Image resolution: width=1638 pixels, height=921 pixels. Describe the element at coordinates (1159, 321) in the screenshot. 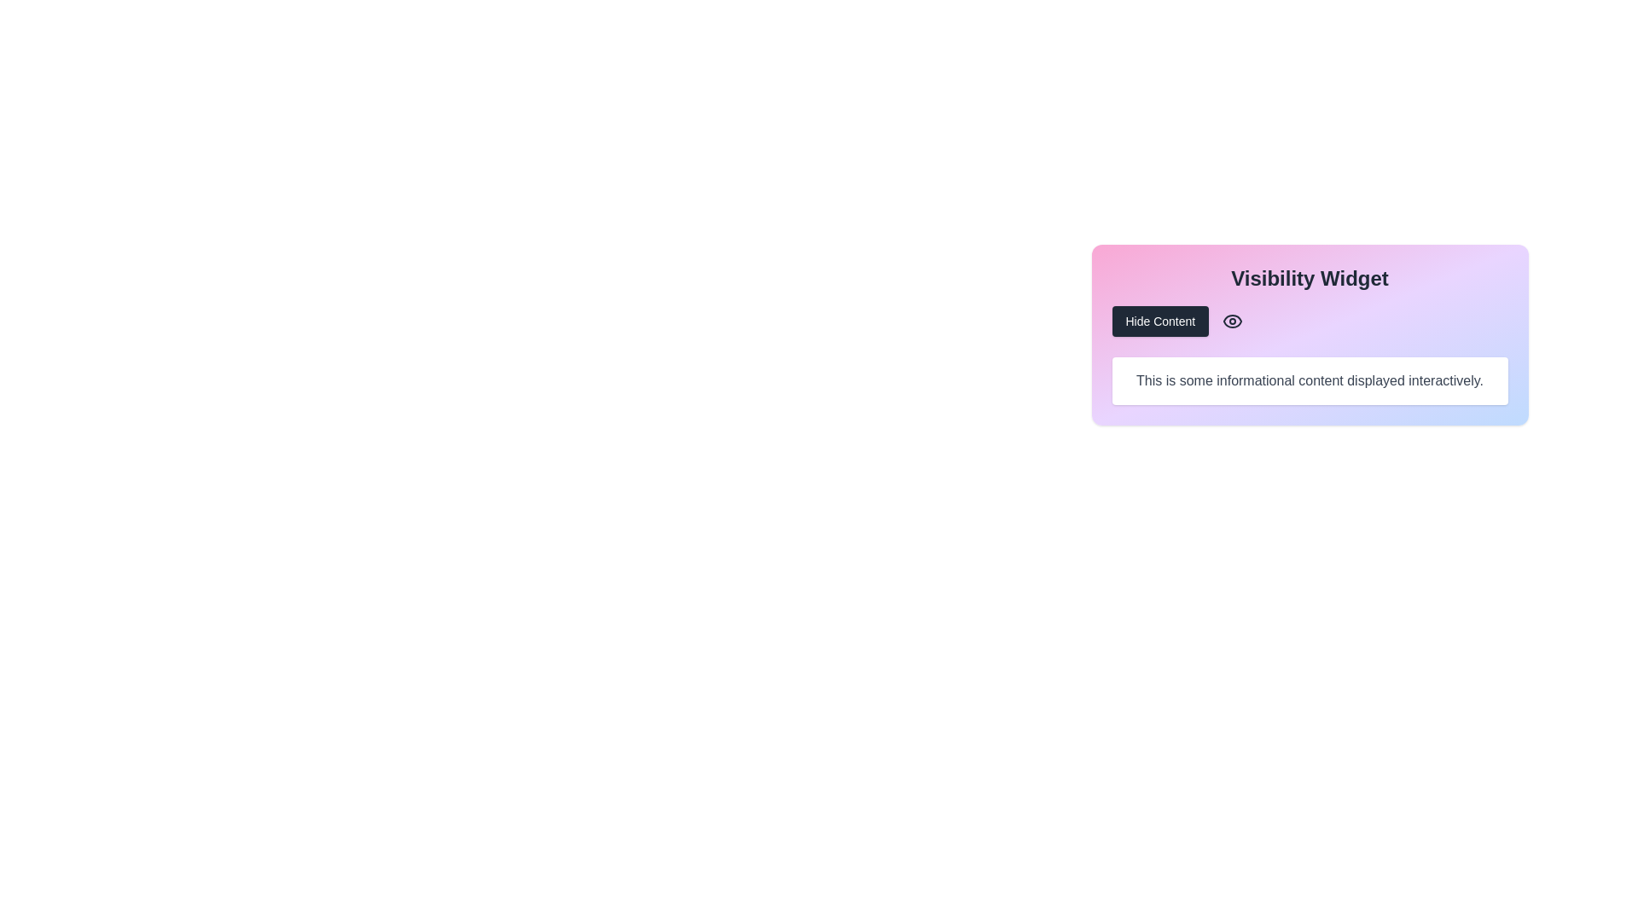

I see `the 'Hide Content' button, which is a dark gray button with white text, positioned to the left of an eye icon` at that location.